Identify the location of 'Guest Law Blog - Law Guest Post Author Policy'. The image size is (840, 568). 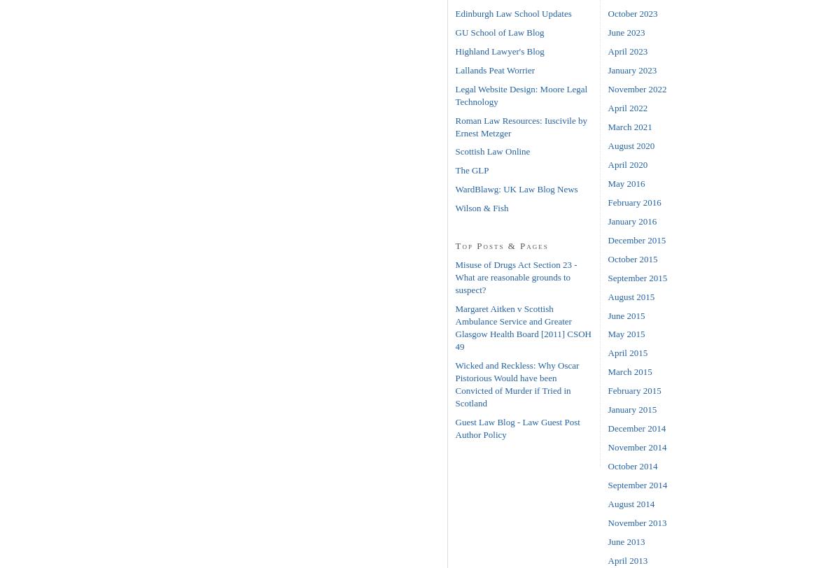
(455, 428).